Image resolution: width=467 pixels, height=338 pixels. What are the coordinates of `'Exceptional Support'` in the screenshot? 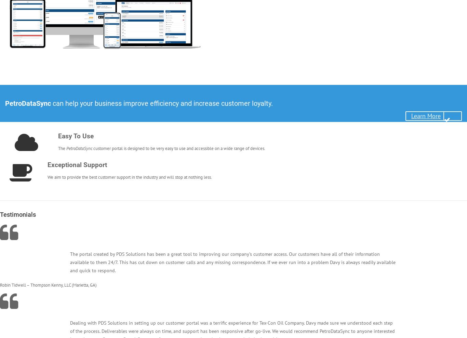 It's located at (77, 164).